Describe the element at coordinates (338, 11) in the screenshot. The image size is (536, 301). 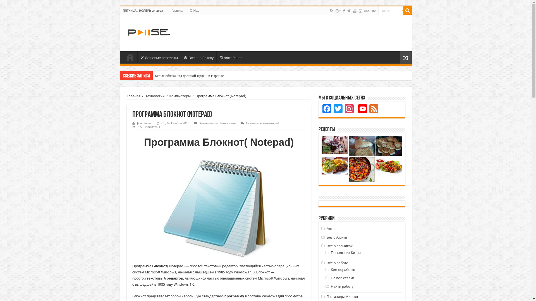
I see `'Google+'` at that location.